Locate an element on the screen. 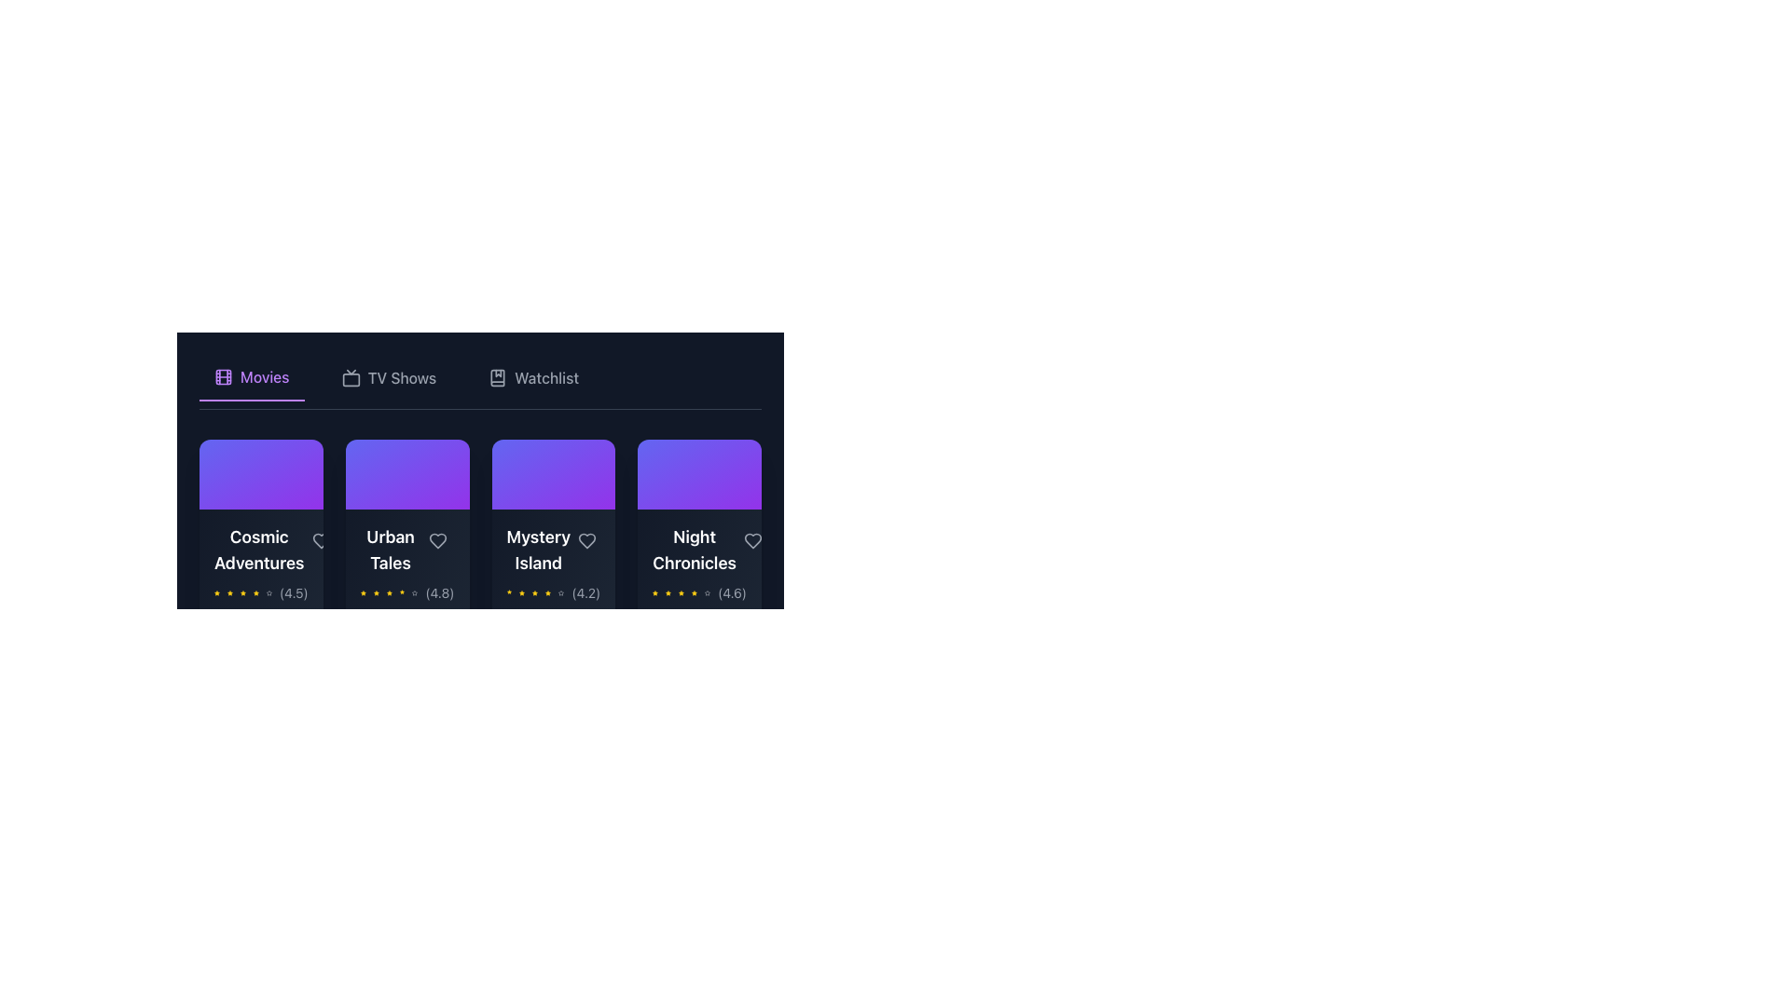 Image resolution: width=1790 pixels, height=1006 pixels. the 'TV Shows' button in the navigation bar is located at coordinates (388, 377).